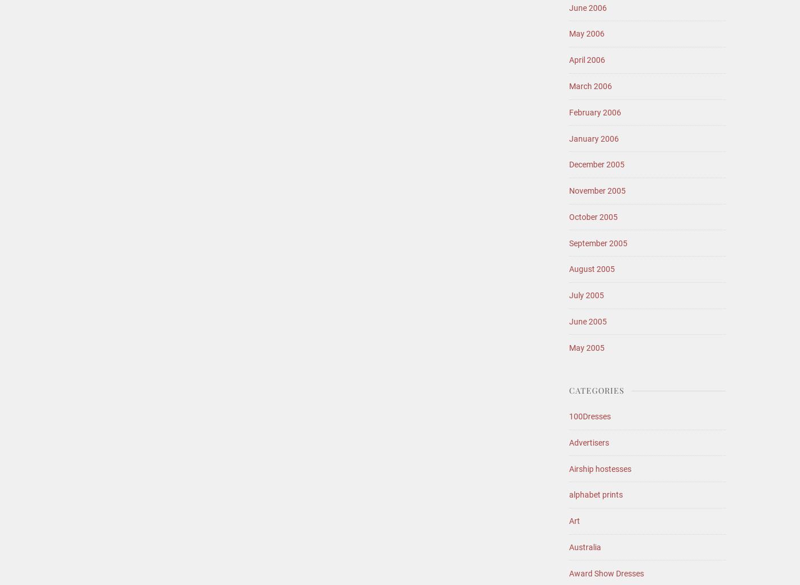 This screenshot has width=800, height=585. Describe the element at coordinates (569, 111) in the screenshot. I see `'February 2006'` at that location.